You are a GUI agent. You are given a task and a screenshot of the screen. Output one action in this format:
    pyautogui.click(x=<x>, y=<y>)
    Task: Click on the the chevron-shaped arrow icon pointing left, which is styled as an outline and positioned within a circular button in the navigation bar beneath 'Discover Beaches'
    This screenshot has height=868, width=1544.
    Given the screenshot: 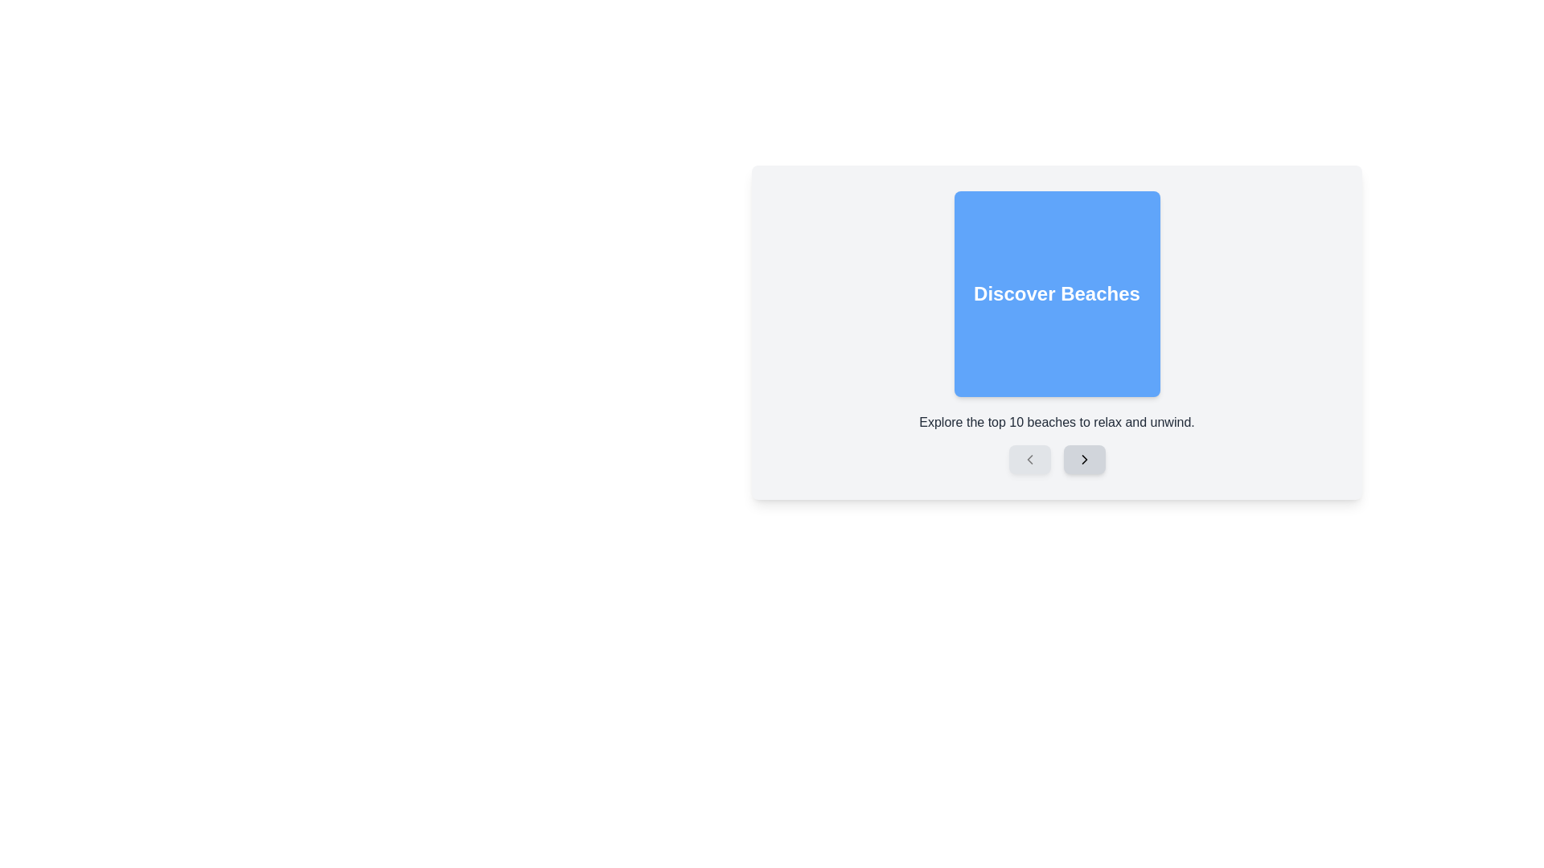 What is the action you would take?
    pyautogui.click(x=1029, y=459)
    